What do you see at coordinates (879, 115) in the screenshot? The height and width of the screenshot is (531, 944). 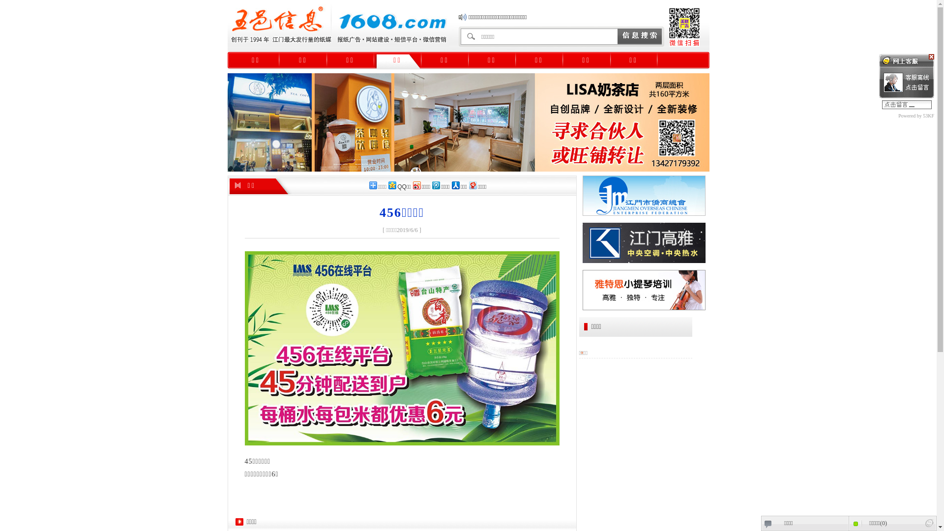 I see `'Powered by 53KF'` at bounding box center [879, 115].